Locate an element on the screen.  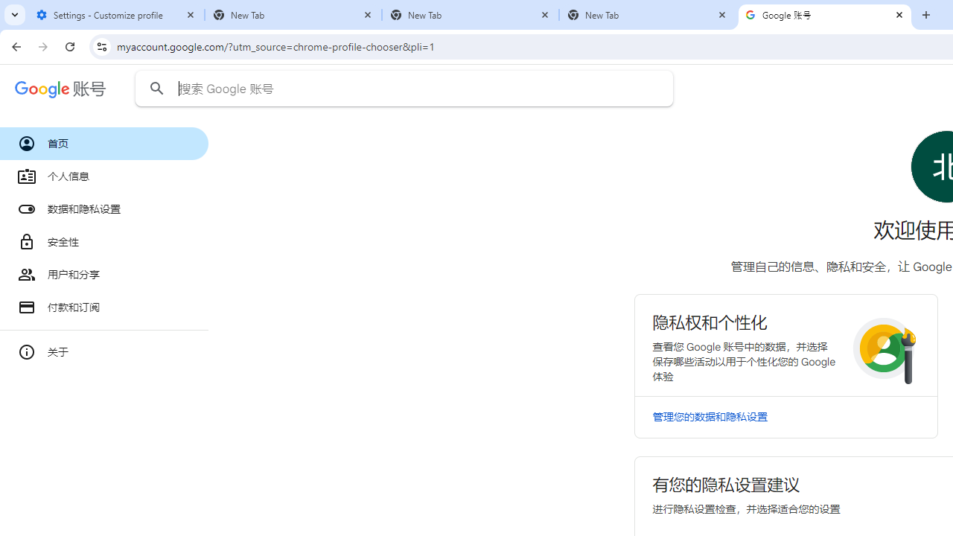
'New Tab' is located at coordinates (648, 15).